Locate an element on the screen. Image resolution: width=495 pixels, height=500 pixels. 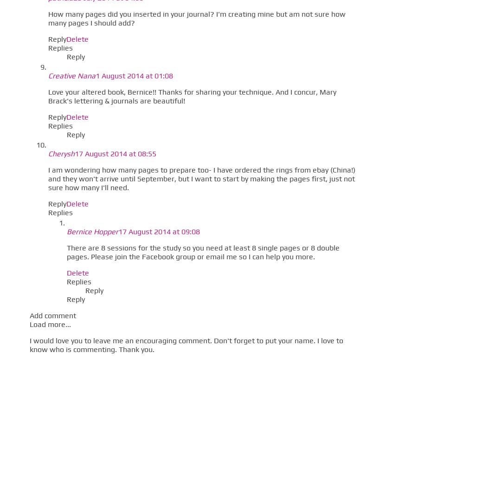
'Love your altered book, Bernice!! Thanks for sharing your technique. And I concur, Mary Brack's lettering & journals are beautiful!' is located at coordinates (192, 96).